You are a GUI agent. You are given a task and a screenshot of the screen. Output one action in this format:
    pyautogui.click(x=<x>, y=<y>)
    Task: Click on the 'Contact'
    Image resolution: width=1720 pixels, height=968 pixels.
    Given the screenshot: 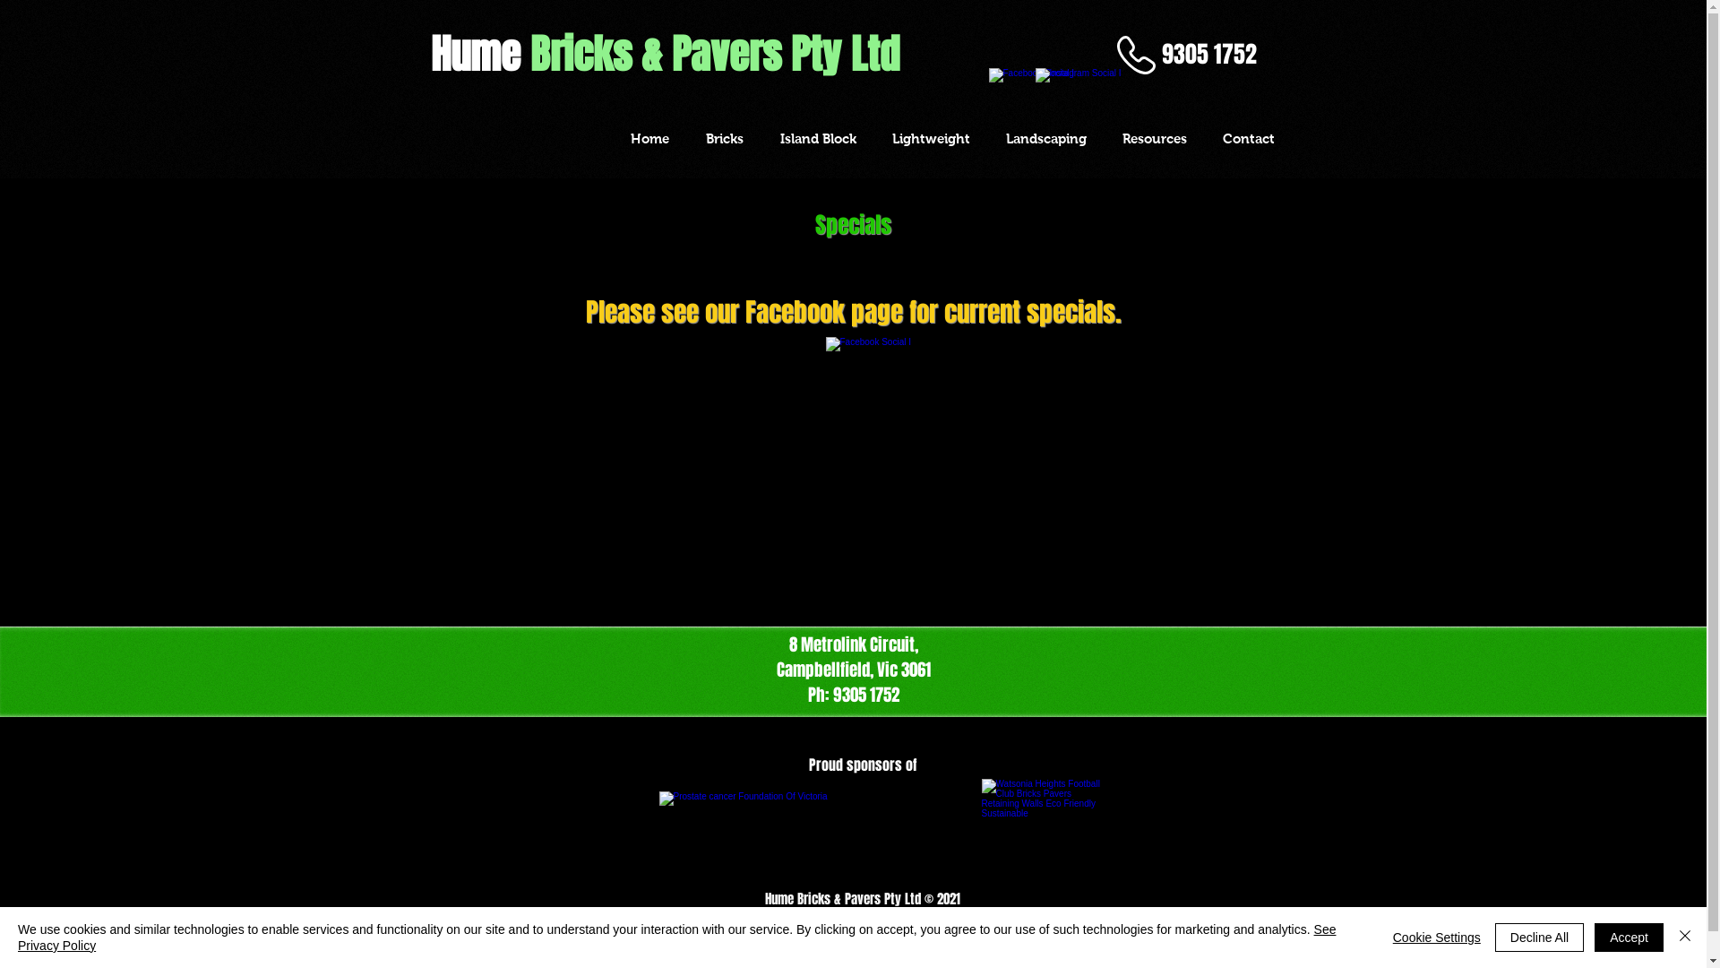 What is the action you would take?
    pyautogui.click(x=1246, y=137)
    